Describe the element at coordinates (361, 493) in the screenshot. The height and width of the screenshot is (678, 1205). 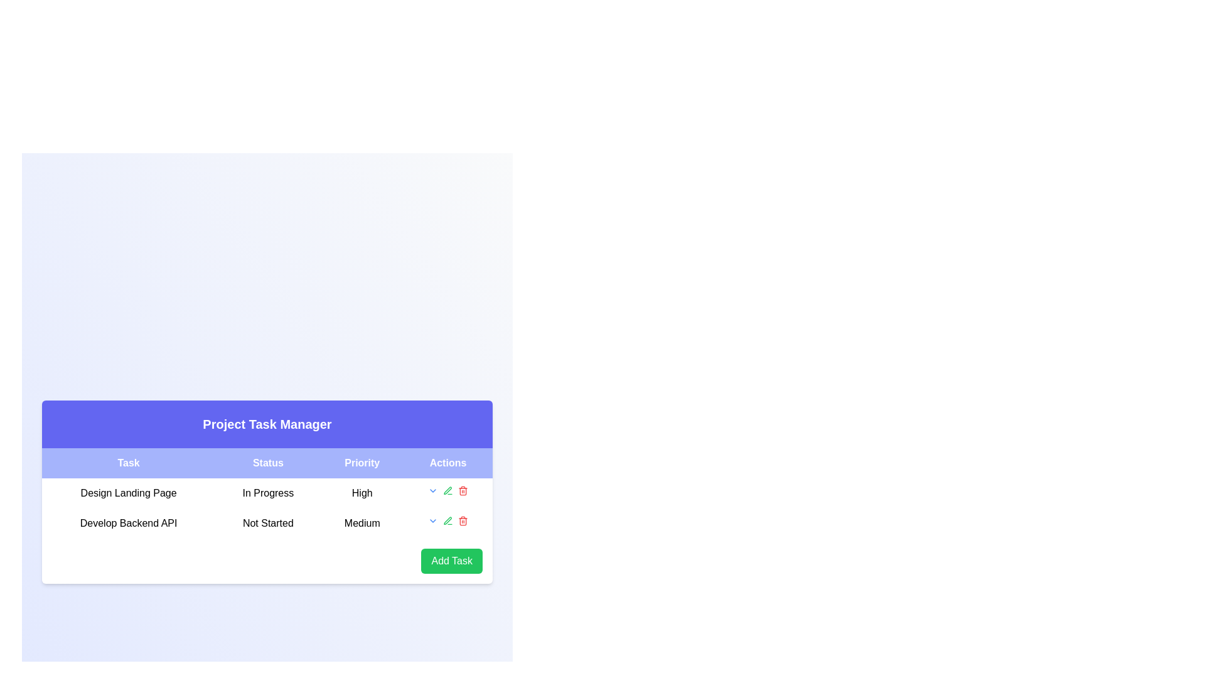
I see `text label displaying 'High' in the Priority column of the task 'Design Landing Page' to understand the priority level` at that location.